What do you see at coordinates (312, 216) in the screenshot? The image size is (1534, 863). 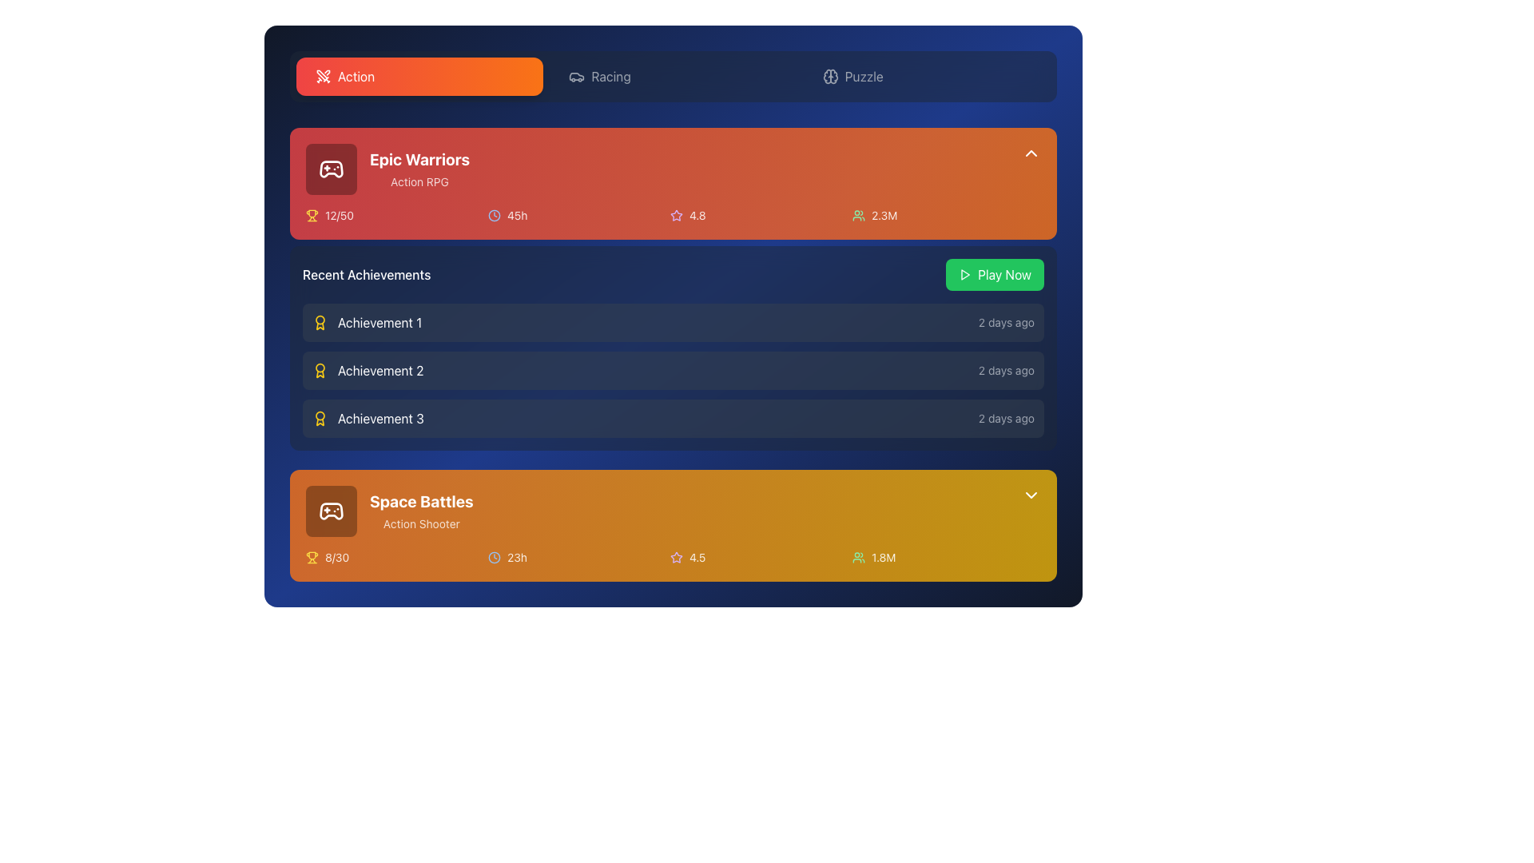 I see `the achievement icon located to the left of the progress text '12/50' in the 'Epic Warriors' section for further interactions` at bounding box center [312, 216].